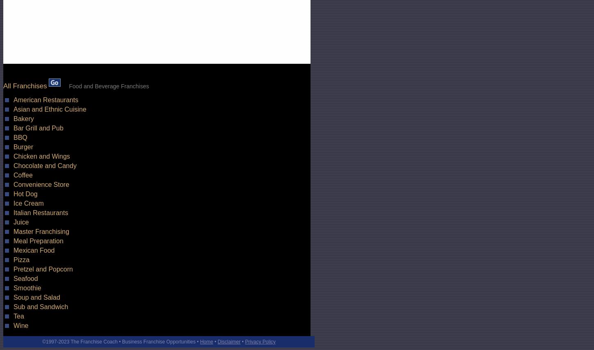 Image resolution: width=594 pixels, height=350 pixels. What do you see at coordinates (38, 128) in the screenshot?
I see `'Bar Grill and Pub'` at bounding box center [38, 128].